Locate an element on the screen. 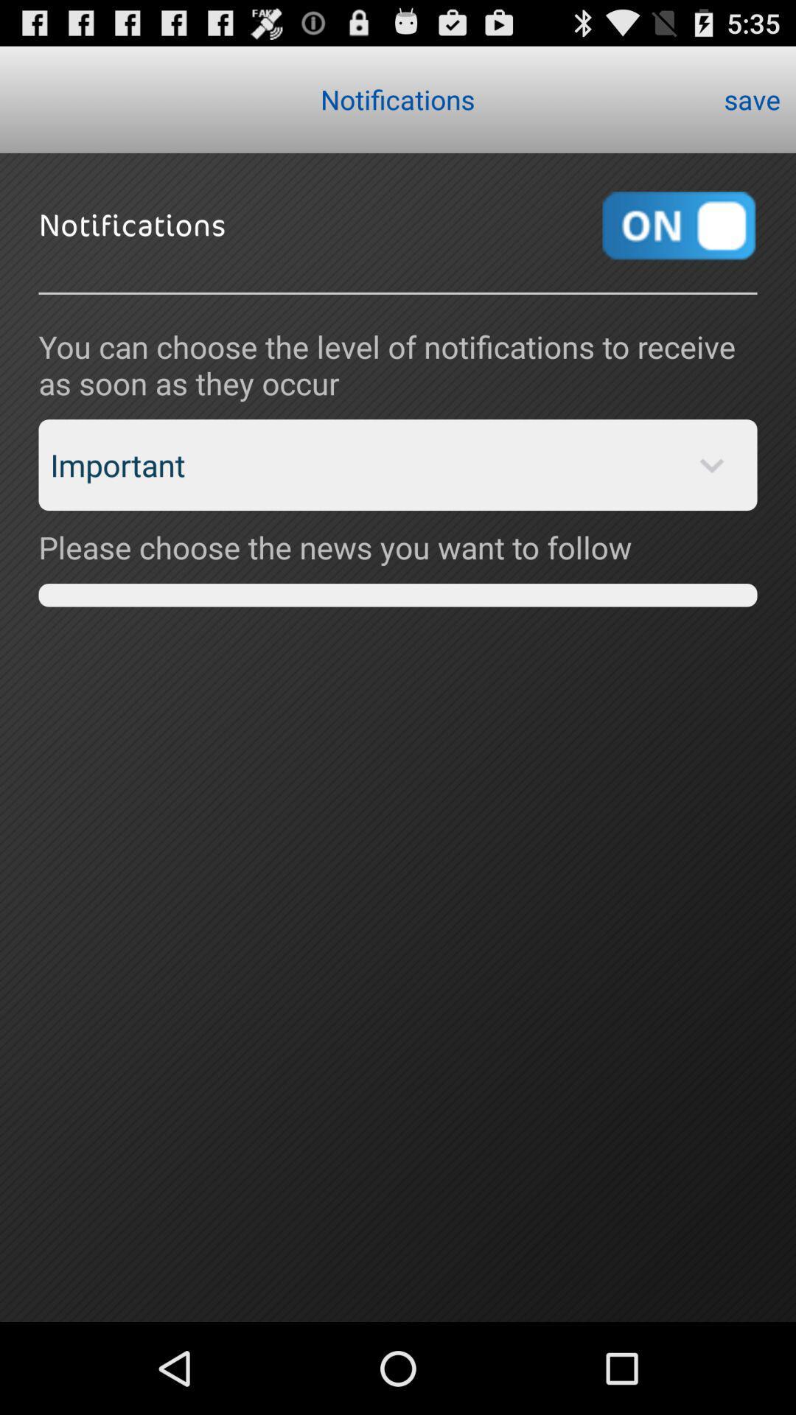 This screenshot has height=1415, width=796. the important item is located at coordinates (398, 464).